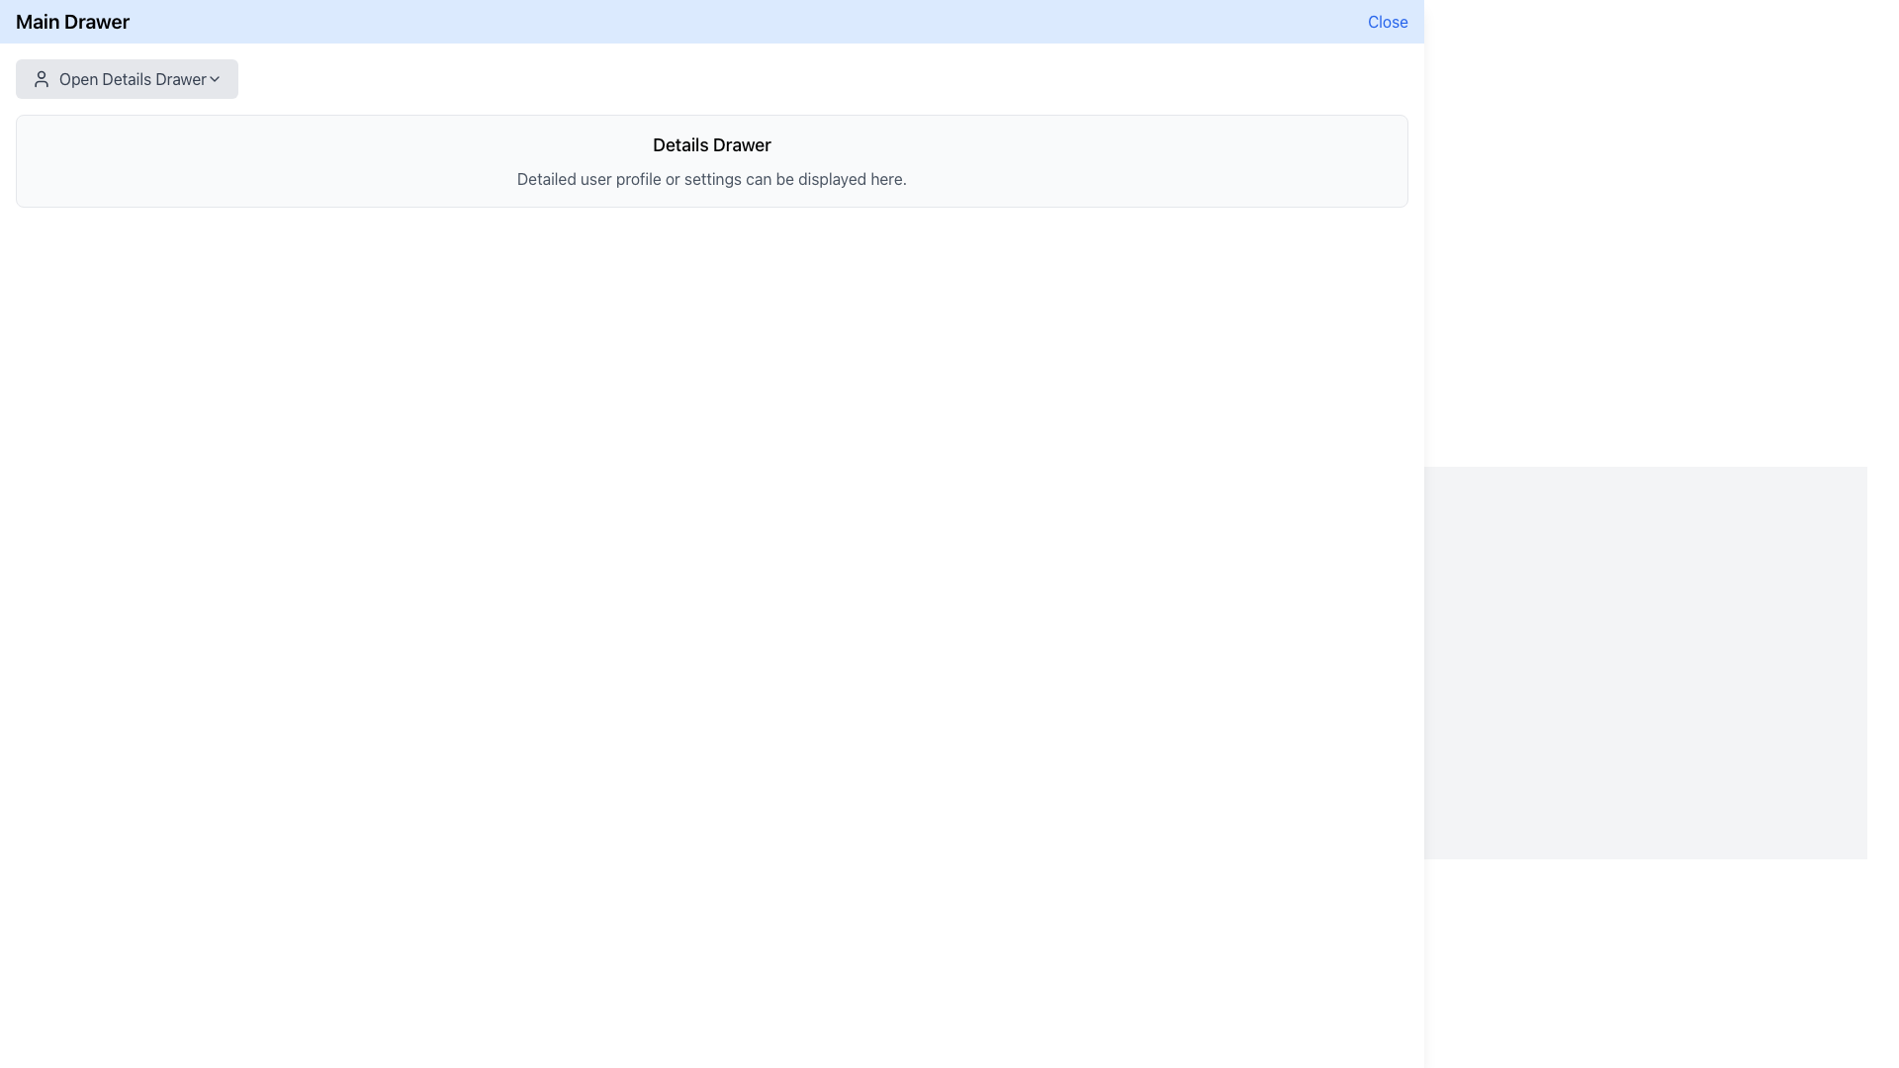  I want to click on the chevron icon located to the right of the 'Open Details Drawer' button, so click(214, 78).